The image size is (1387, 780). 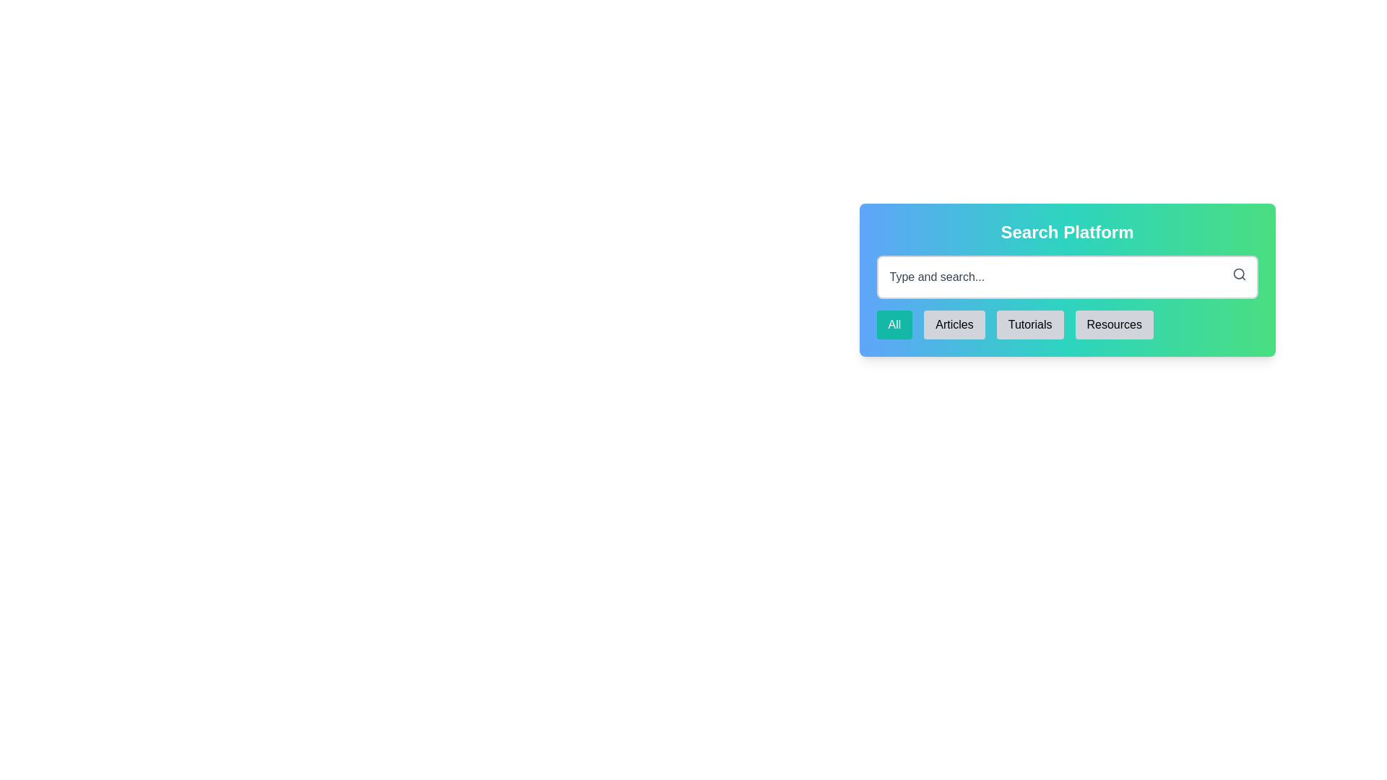 What do you see at coordinates (954, 325) in the screenshot?
I see `the button labeled 'Articles' to observe its styling change when hovered` at bounding box center [954, 325].